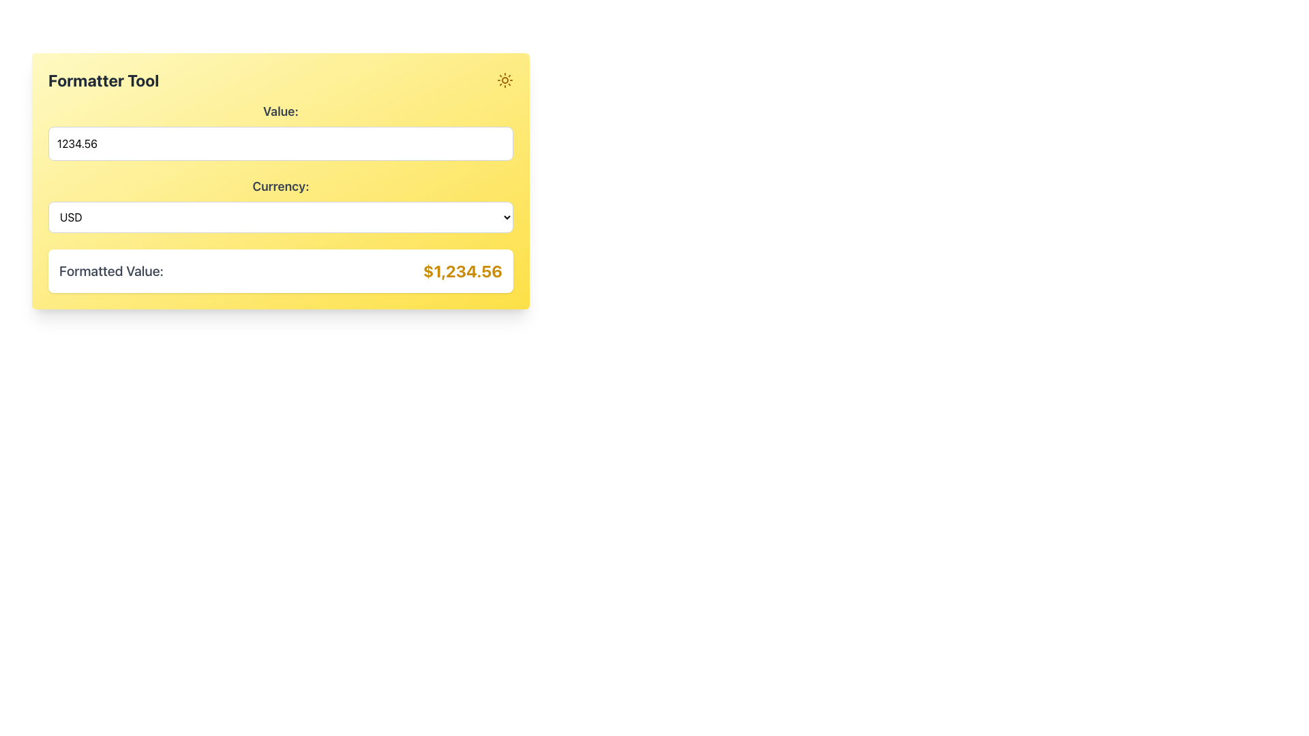 The image size is (1309, 736). Describe the element at coordinates (280, 204) in the screenshot. I see `an option from the dropdown menu labeled 'Currency:' located in the 'Formatter Tool' section, which is the second input field below the 'Value' input field` at that location.